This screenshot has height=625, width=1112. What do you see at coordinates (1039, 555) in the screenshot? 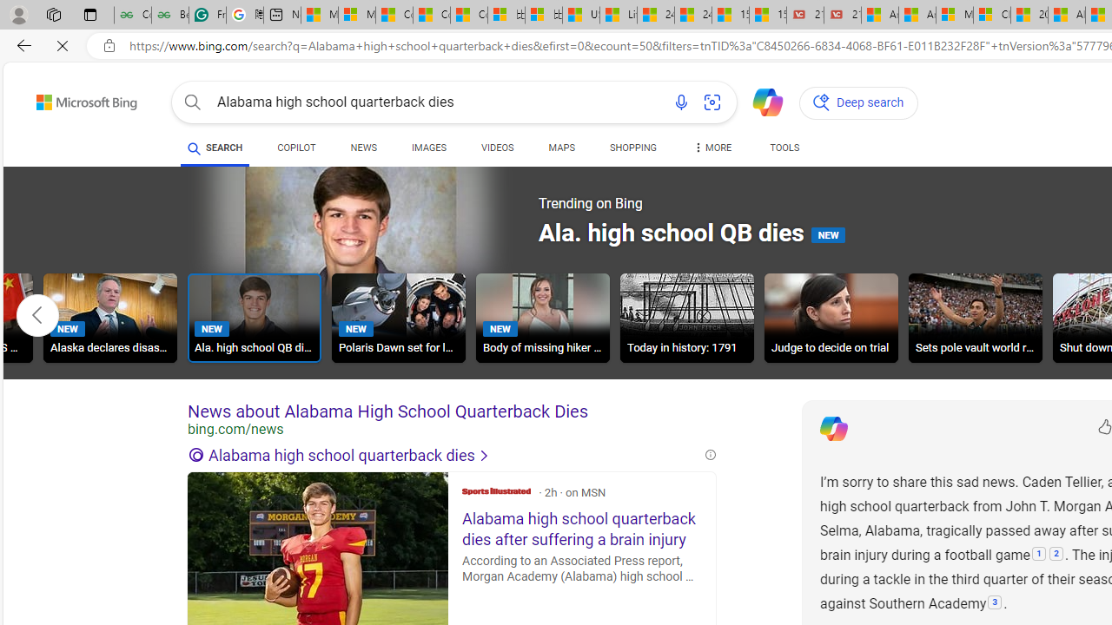
I see `'1: '` at bounding box center [1039, 555].